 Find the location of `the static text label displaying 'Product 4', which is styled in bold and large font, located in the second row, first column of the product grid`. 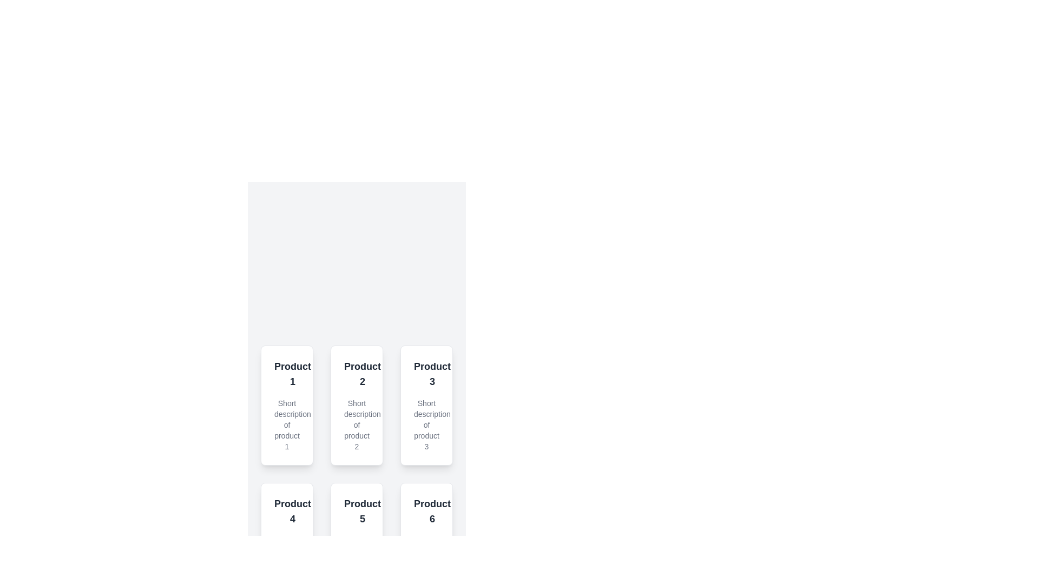

the static text label displaying 'Product 4', which is styled in bold and large font, located in the second row, first column of the product grid is located at coordinates (287, 511).